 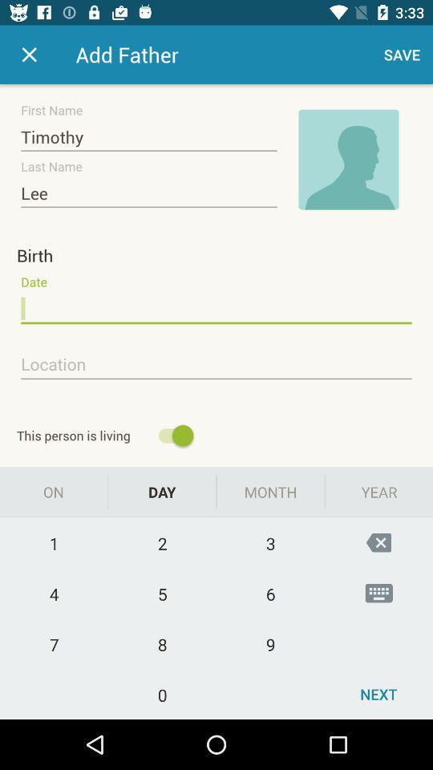 I want to click on button, so click(x=29, y=55).